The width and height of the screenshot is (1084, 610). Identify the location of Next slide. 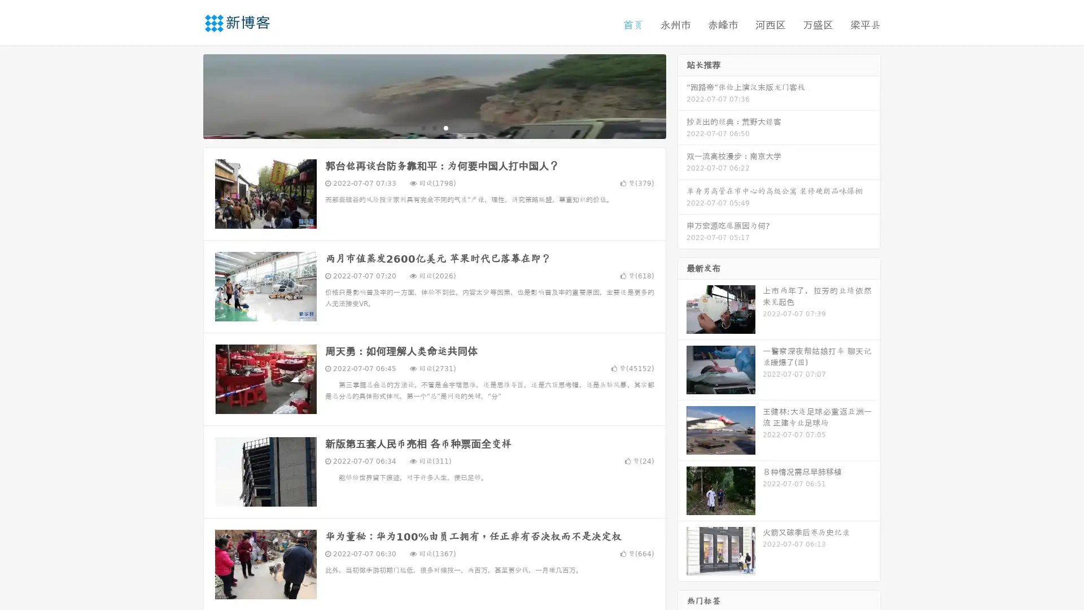
(682, 95).